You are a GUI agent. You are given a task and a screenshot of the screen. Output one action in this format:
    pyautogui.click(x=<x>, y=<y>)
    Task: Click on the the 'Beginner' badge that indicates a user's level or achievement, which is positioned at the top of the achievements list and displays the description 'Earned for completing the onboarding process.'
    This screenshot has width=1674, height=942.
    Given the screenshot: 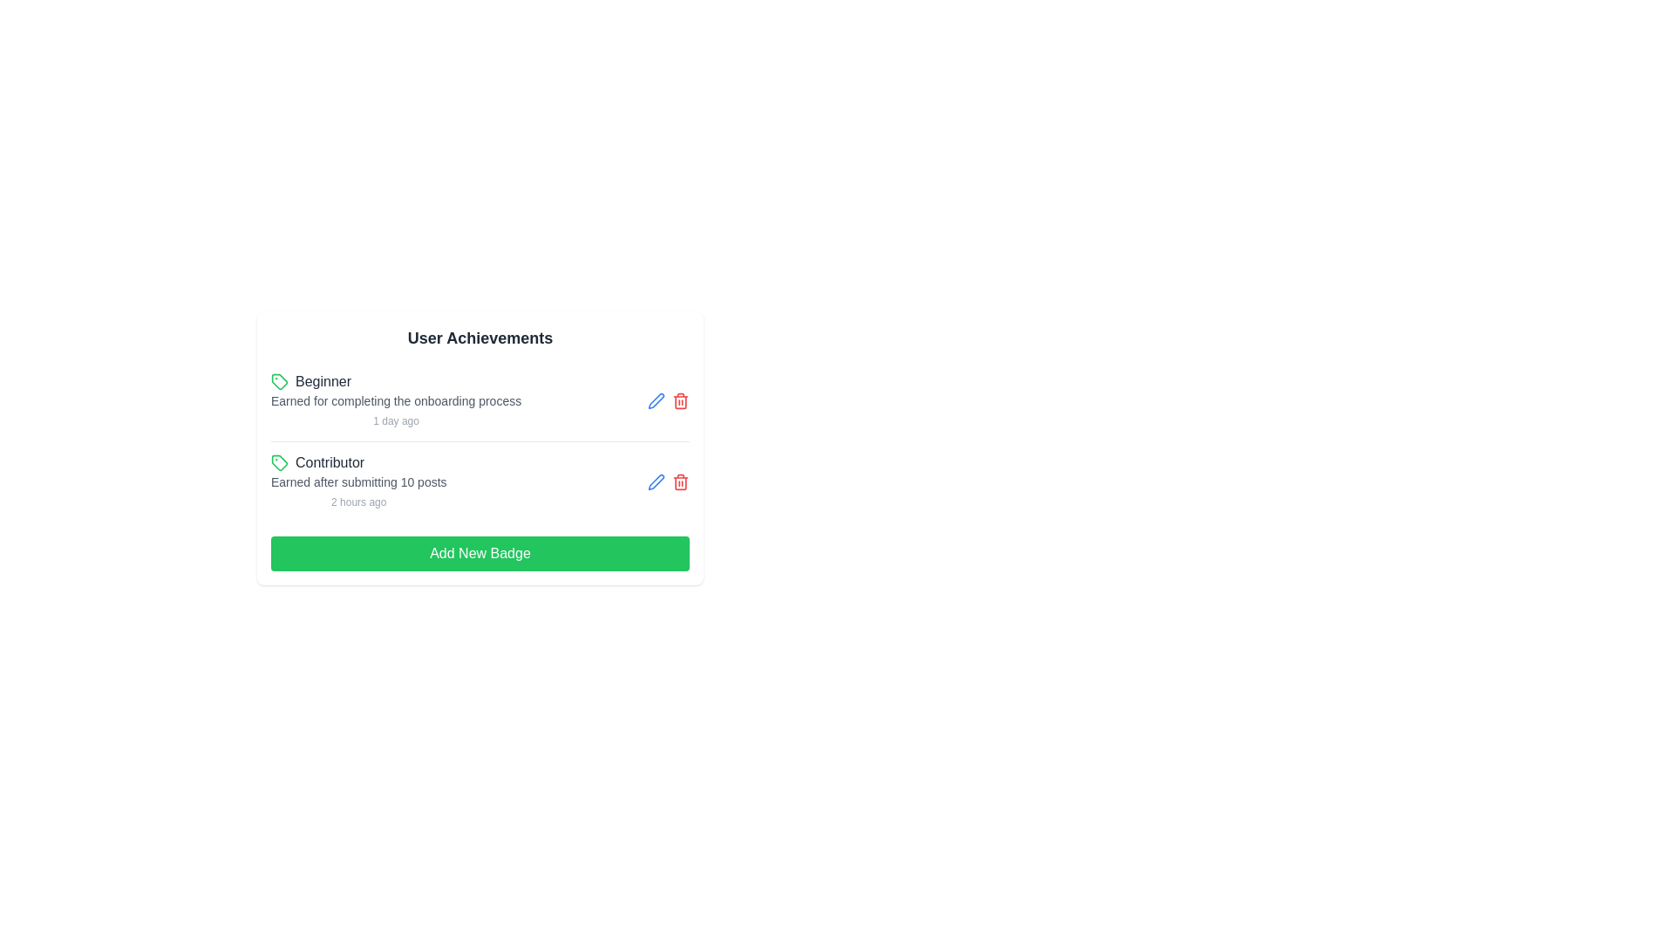 What is the action you would take?
    pyautogui.click(x=395, y=381)
    